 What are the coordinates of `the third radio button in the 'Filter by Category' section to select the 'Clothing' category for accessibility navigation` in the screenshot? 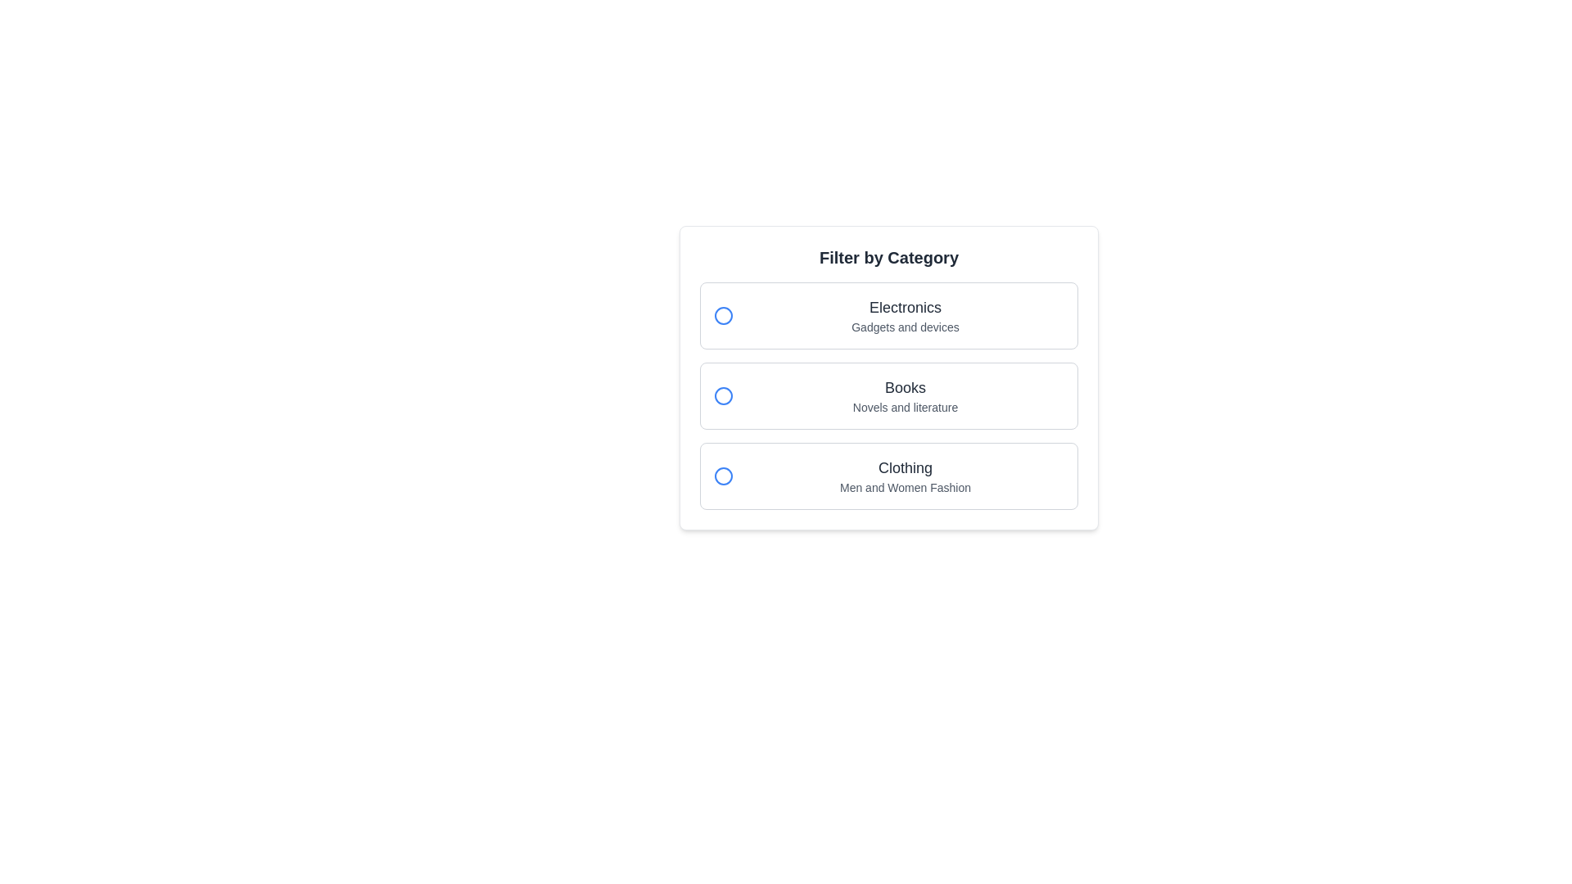 It's located at (888, 476).